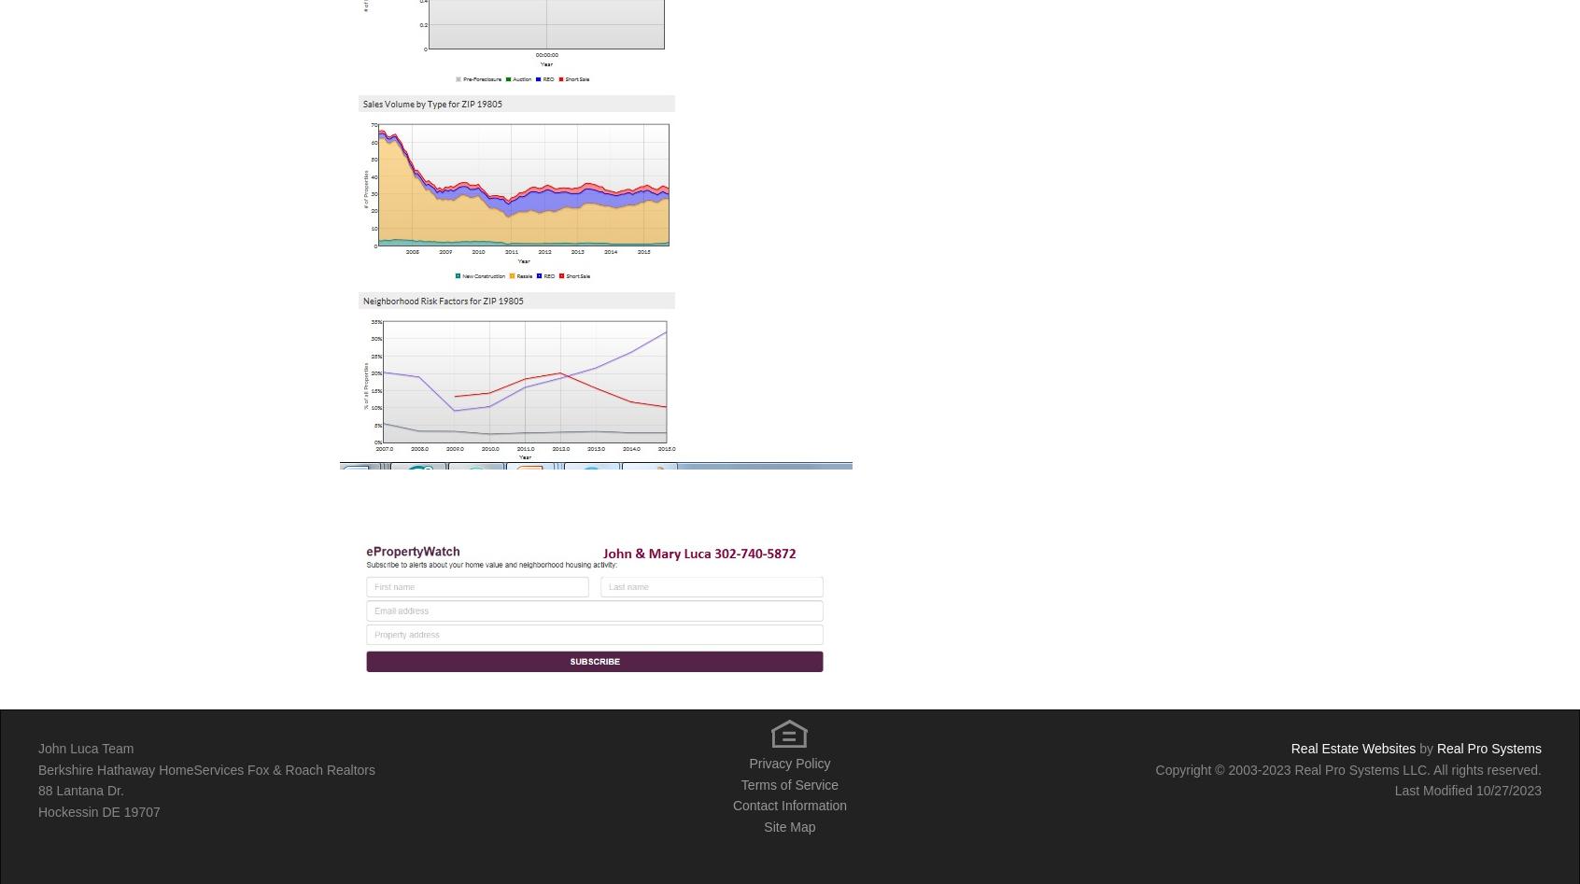 The image size is (1580, 884). I want to click on '19707', so click(122, 809).